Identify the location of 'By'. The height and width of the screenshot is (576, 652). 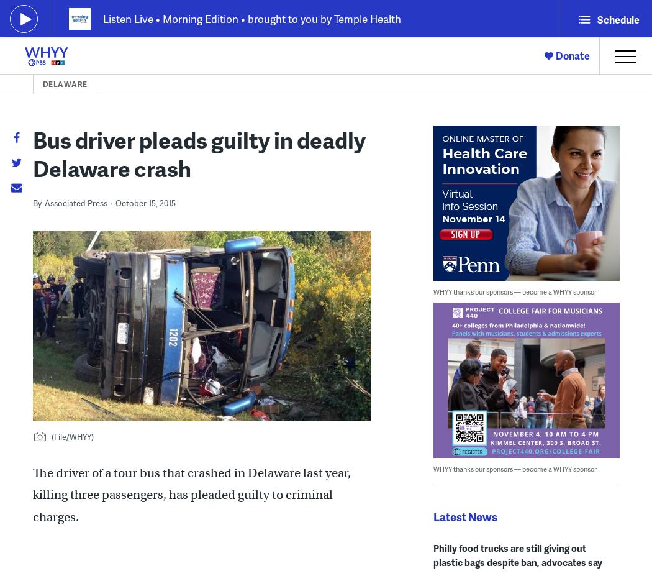
(36, 203).